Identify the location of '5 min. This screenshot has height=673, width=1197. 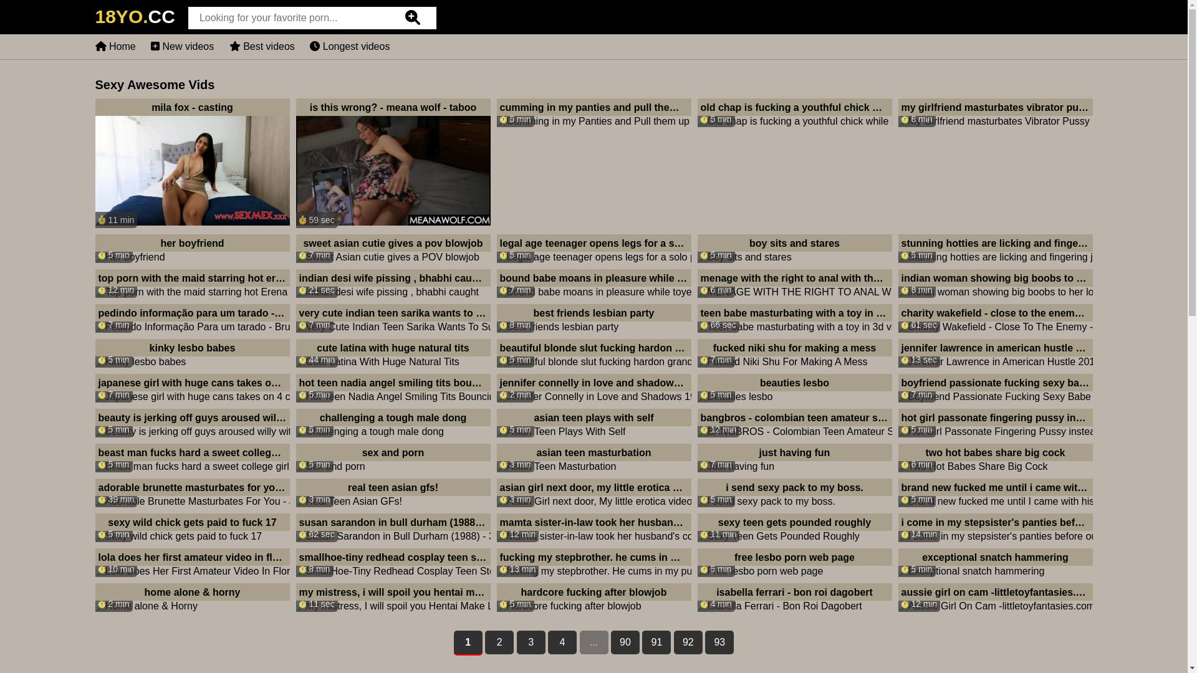
(793, 248).